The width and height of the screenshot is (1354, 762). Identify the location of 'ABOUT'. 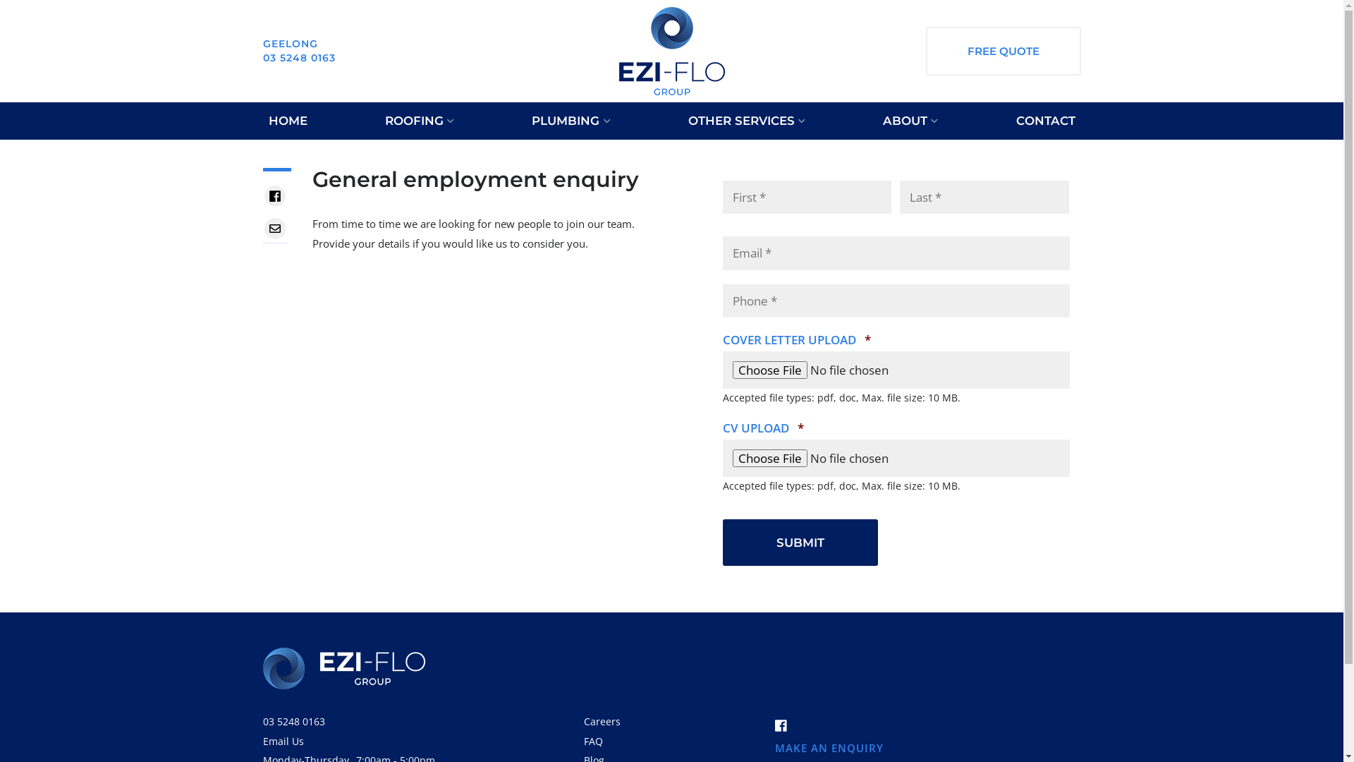
(910, 120).